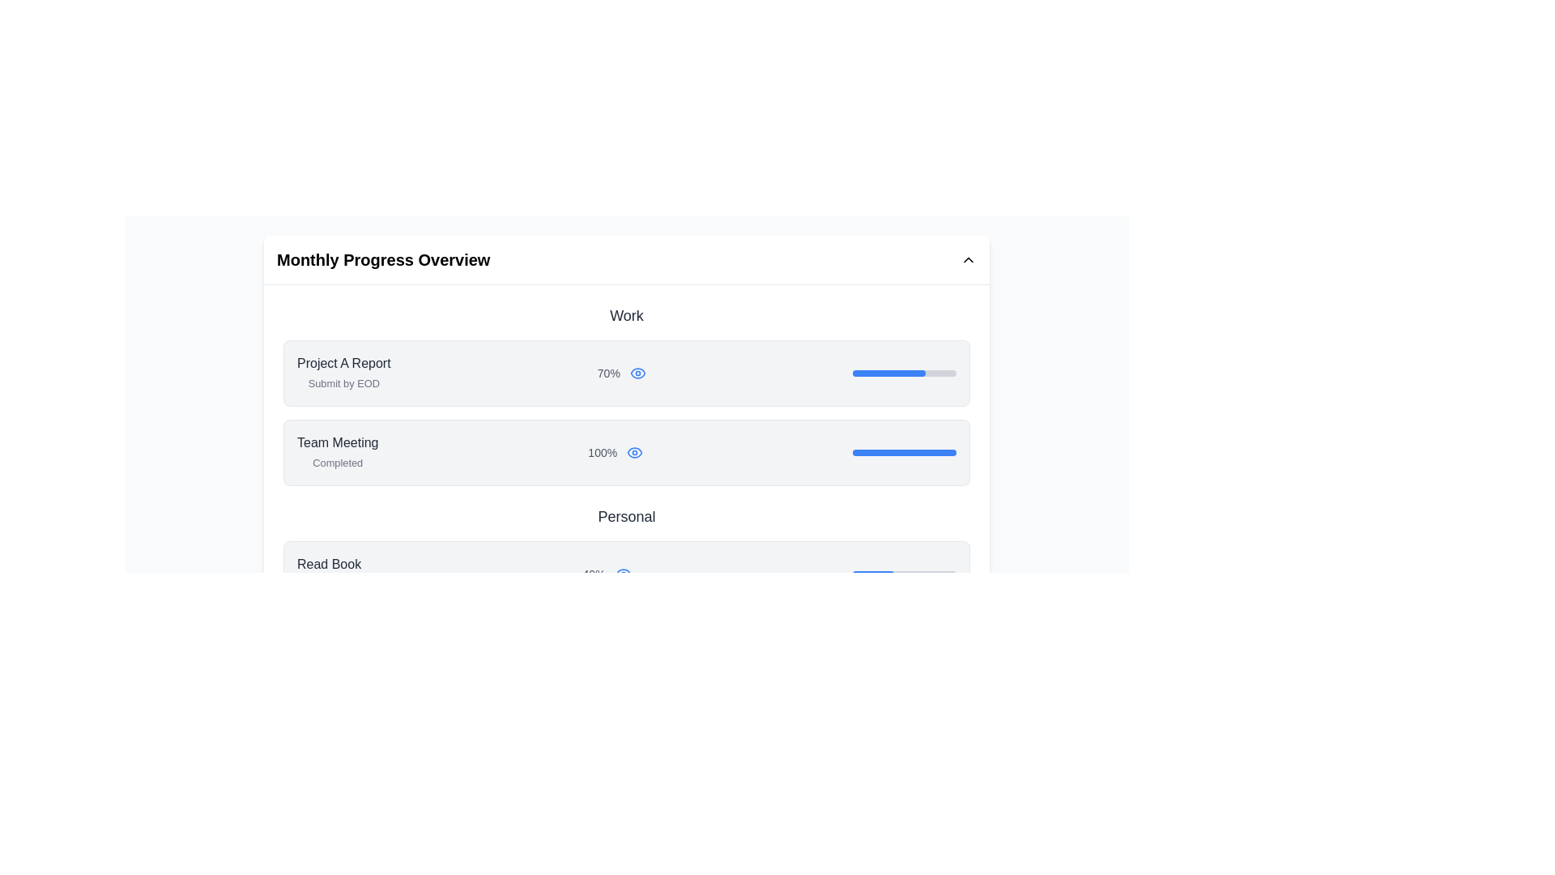 This screenshot has height=875, width=1555. I want to click on the visibility icon located next to the numeric text '40%' within the 'Personal' list group, which indicates the ability, so click(622, 574).